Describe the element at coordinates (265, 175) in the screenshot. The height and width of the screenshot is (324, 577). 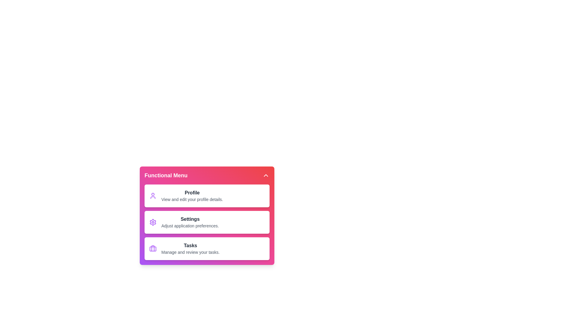
I see `the toggle button in the header to toggle the menu visibility` at that location.